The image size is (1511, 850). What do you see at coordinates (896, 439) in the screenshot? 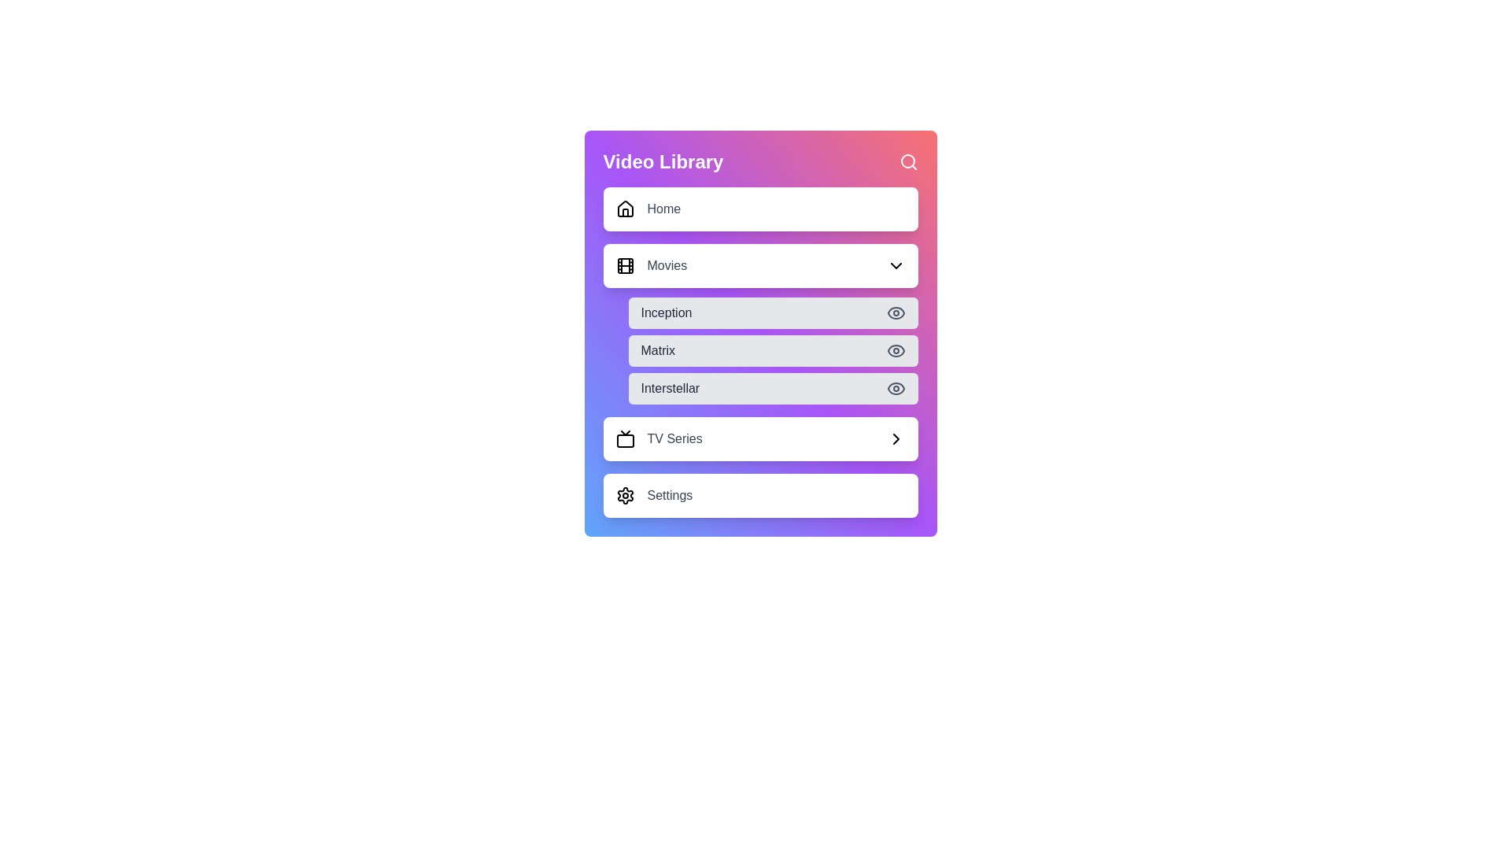
I see `the right-facing arrow icon located at the far right end of the 'TV Series' clickable row in the 'Video Library' section` at bounding box center [896, 439].